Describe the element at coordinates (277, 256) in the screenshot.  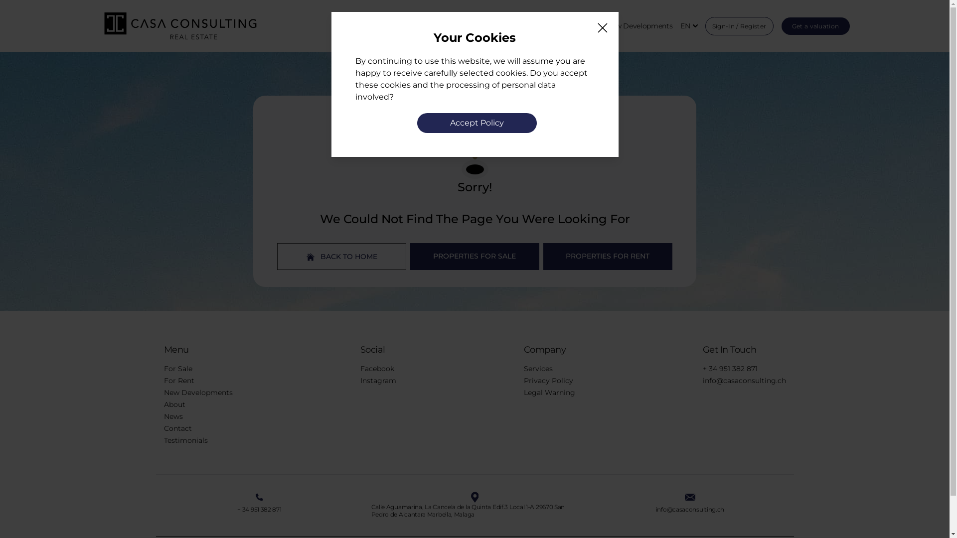
I see `'BACK TO HOME'` at that location.